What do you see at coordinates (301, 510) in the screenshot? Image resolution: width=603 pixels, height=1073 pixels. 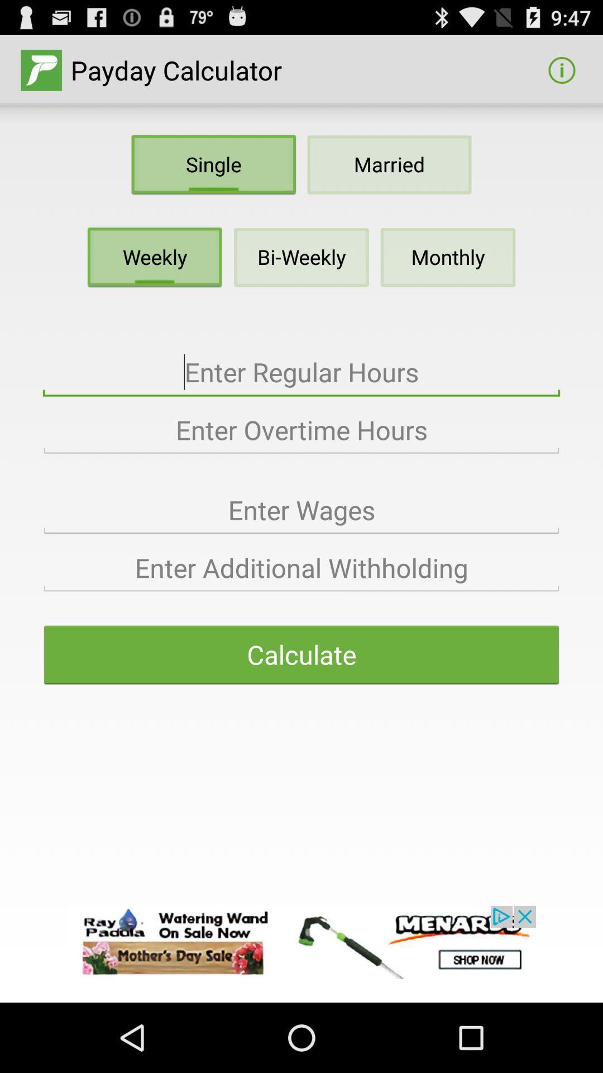 I see `the enter wages below enter overtime hours` at bounding box center [301, 510].